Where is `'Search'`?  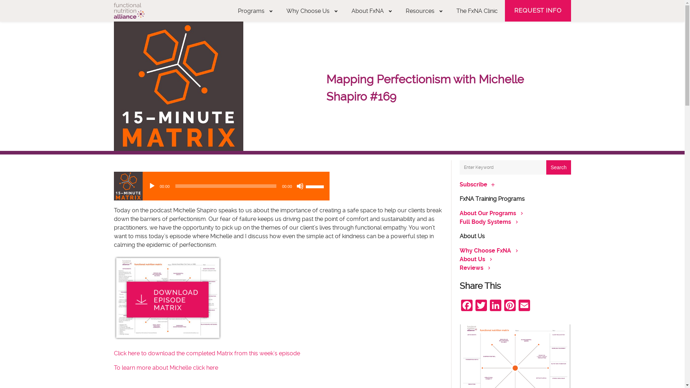
'Search' is located at coordinates (546, 167).